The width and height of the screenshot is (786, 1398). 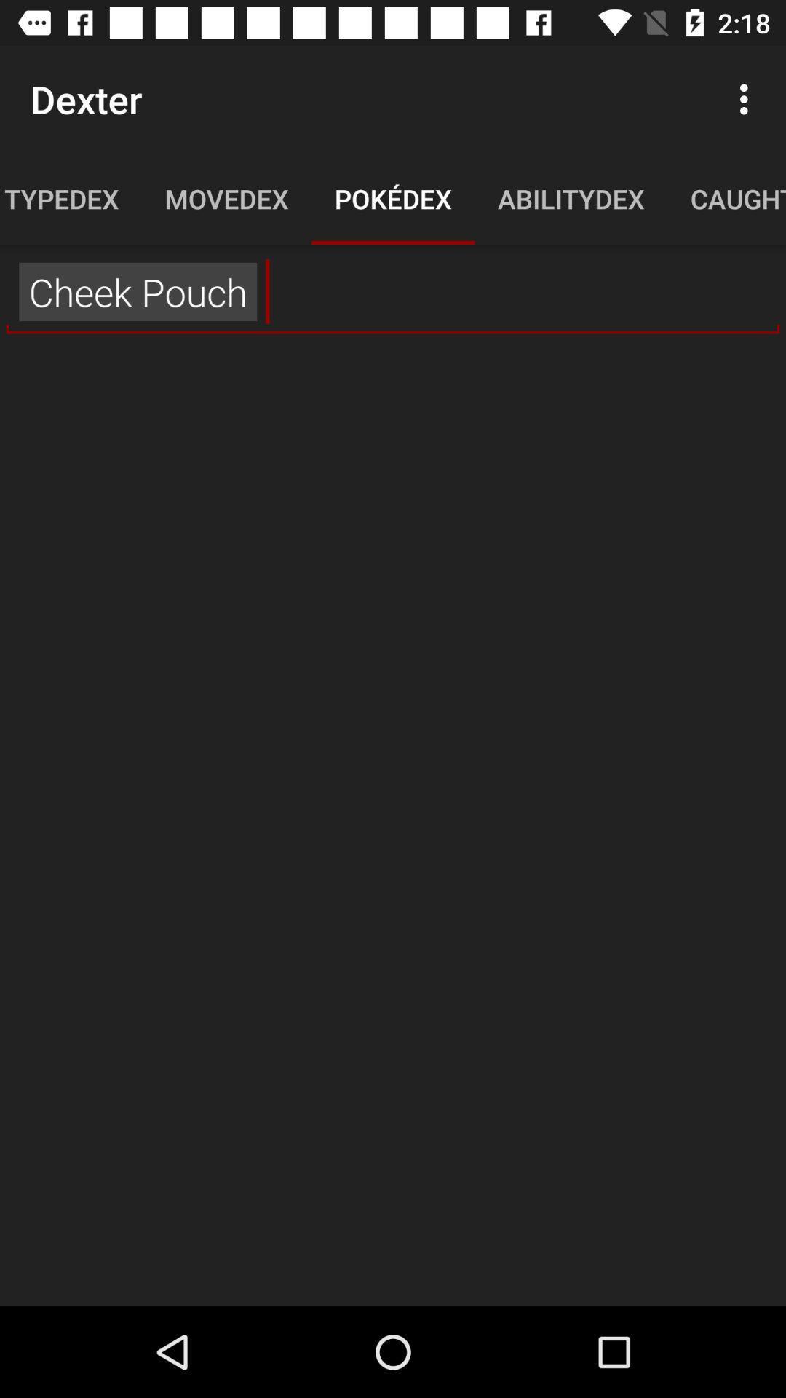 What do you see at coordinates (747, 98) in the screenshot?
I see `icon above the caughtdex icon` at bounding box center [747, 98].